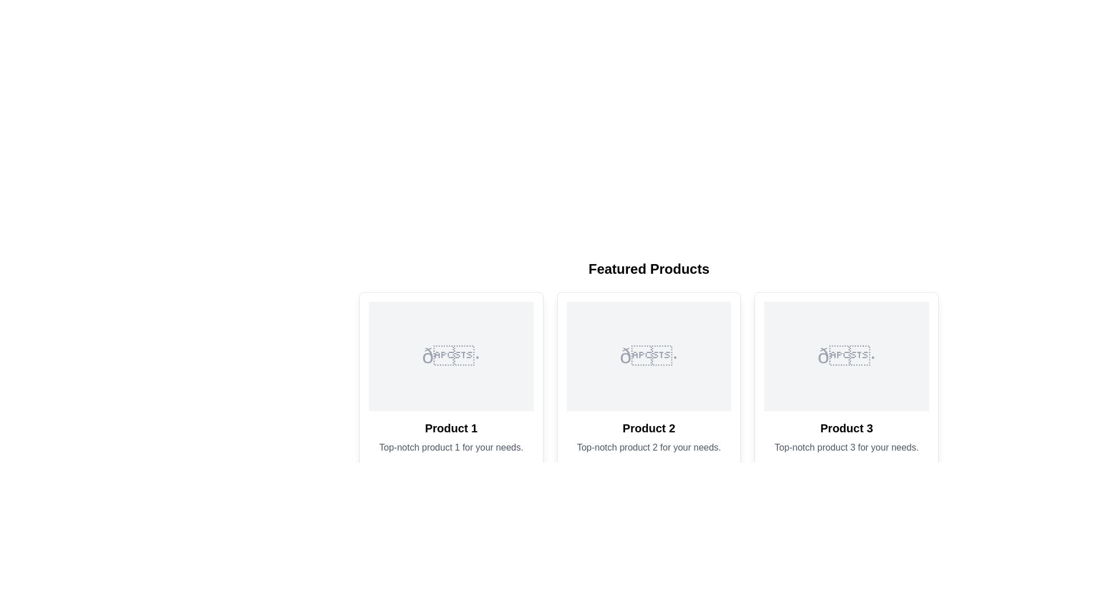 Image resolution: width=1095 pixels, height=616 pixels. I want to click on the static visual placeholder for 'Product 2' within the middle card of the 'Featured Products' section, so click(648, 355).